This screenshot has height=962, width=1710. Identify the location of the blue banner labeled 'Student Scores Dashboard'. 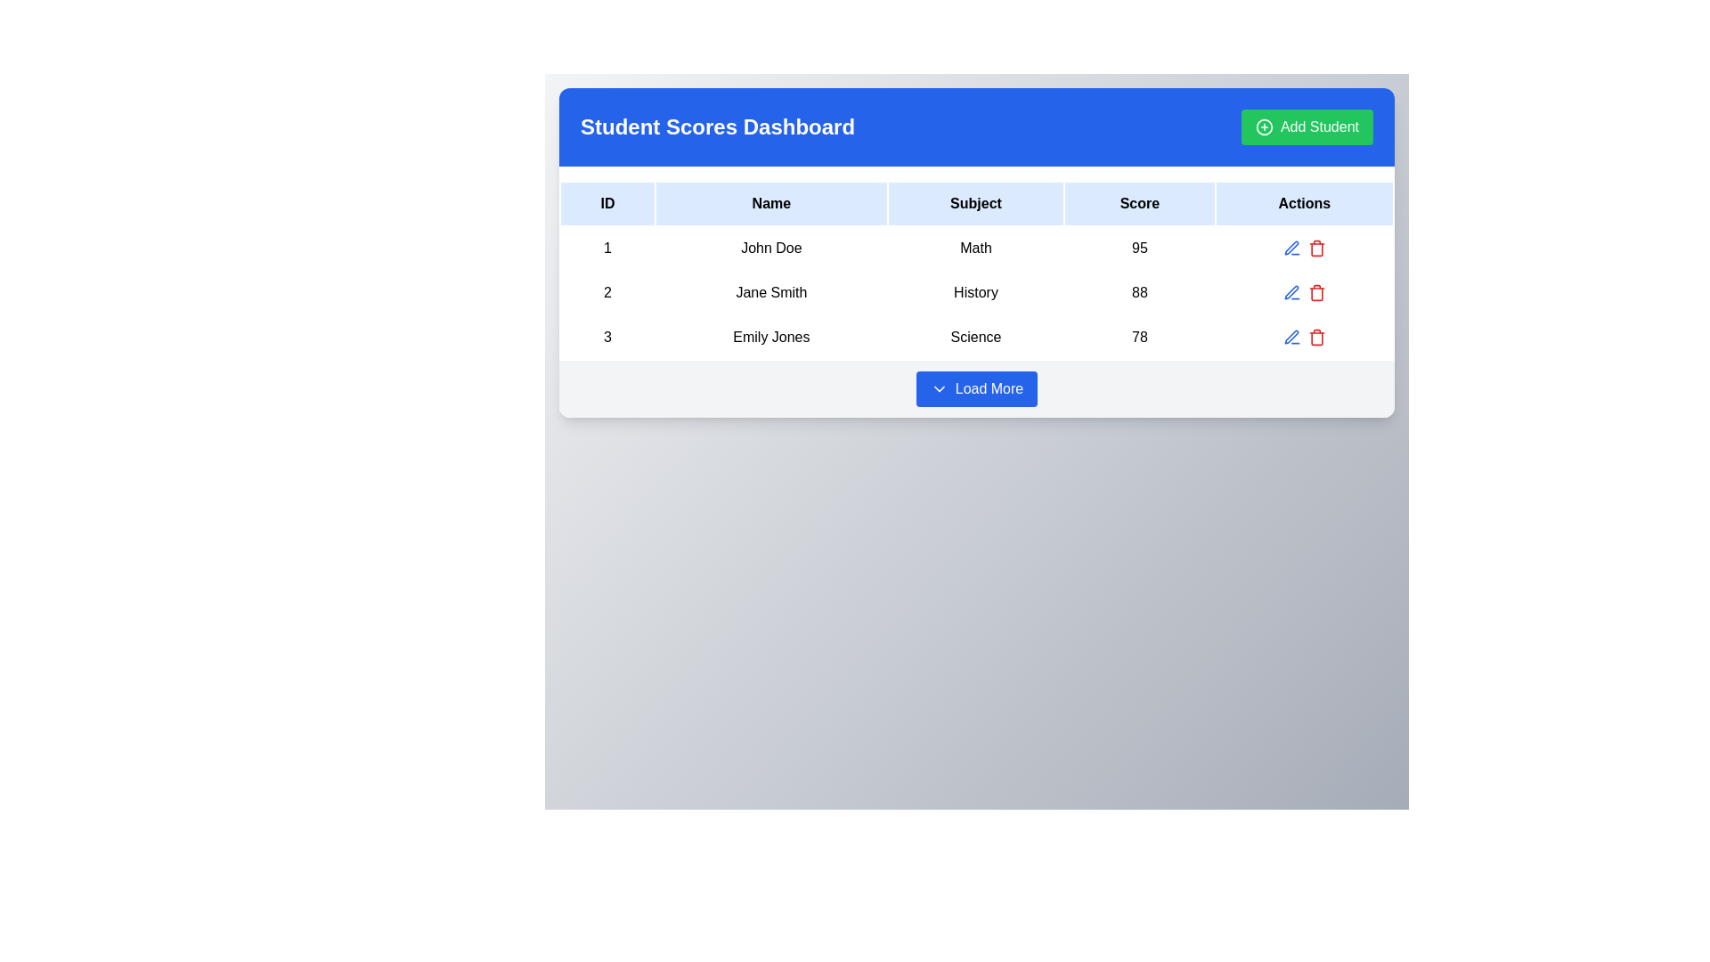
(976, 126).